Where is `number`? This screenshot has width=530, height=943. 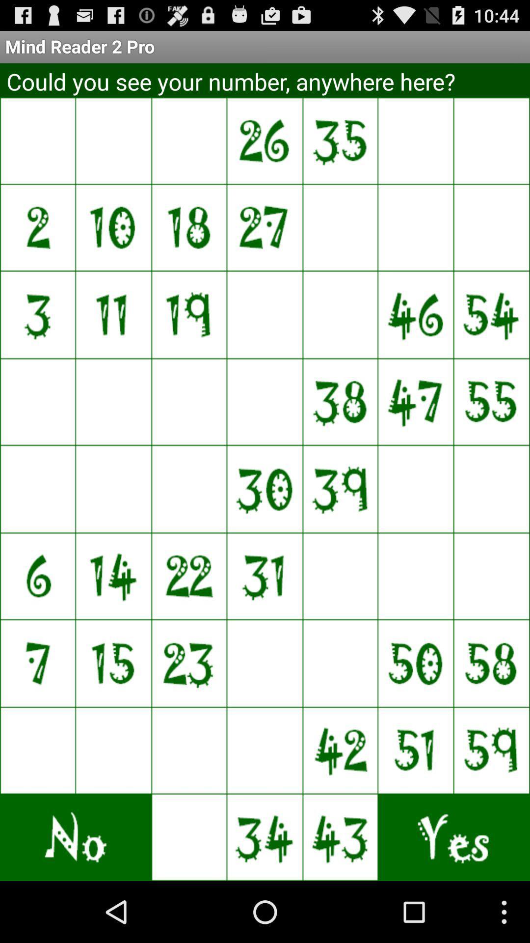 number is located at coordinates (416, 489).